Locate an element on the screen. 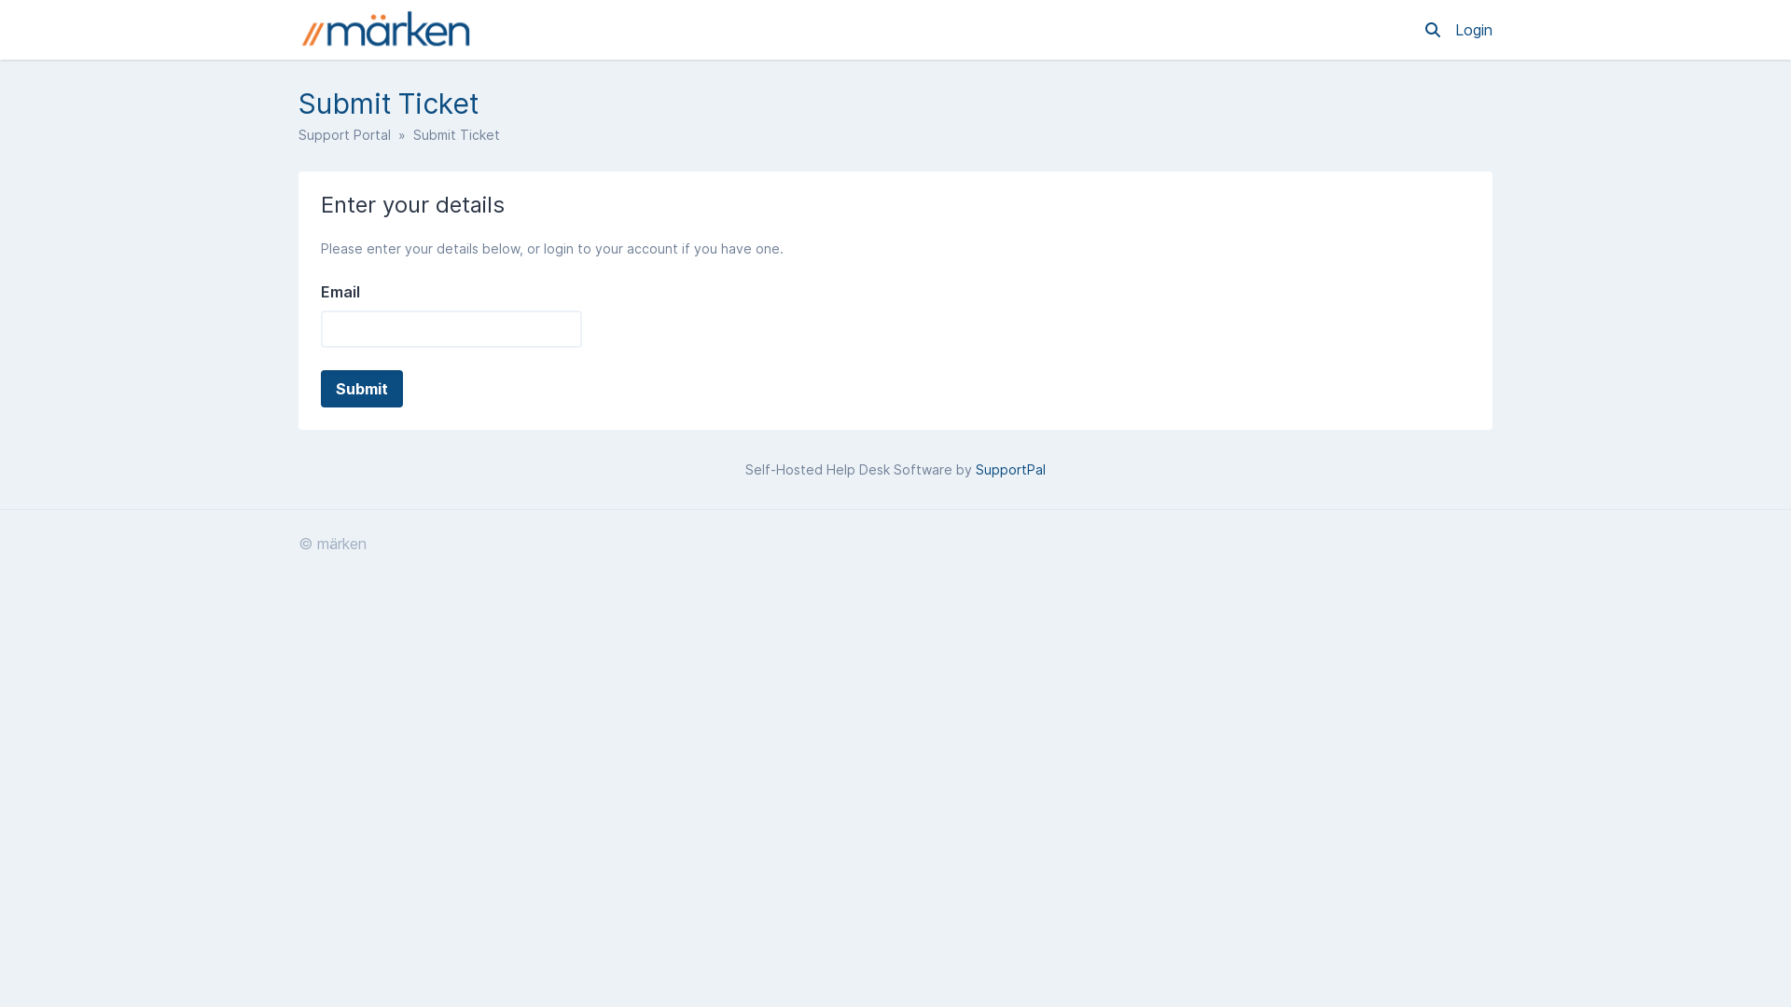 Image resolution: width=1791 pixels, height=1007 pixels. 'Support Portal' is located at coordinates (344, 133).